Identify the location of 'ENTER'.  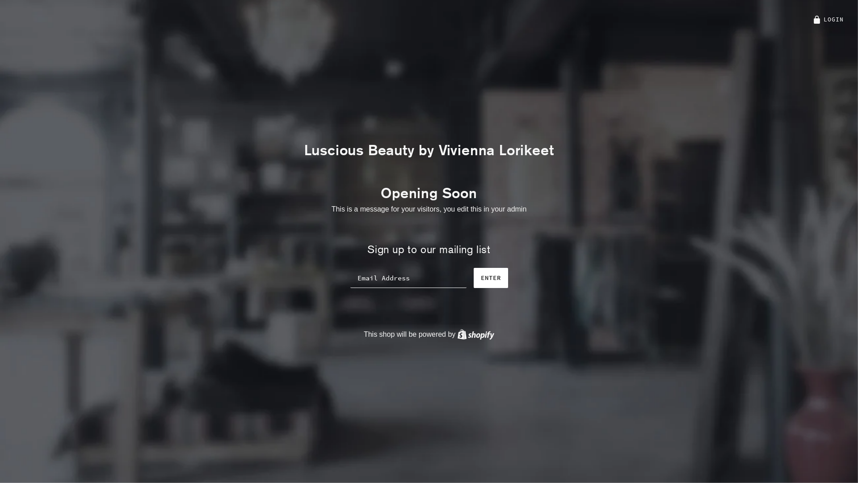
(490, 277).